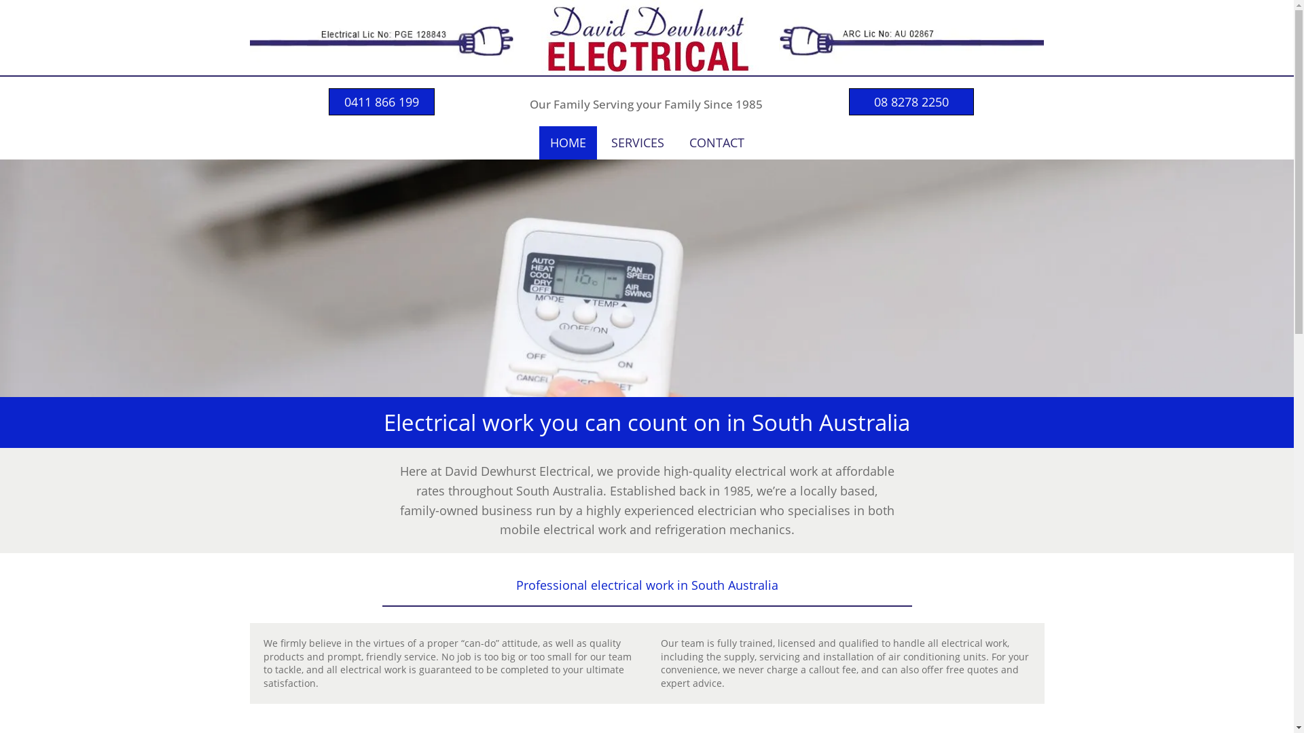 Image resolution: width=1304 pixels, height=733 pixels. I want to click on 'david dewhurst electrical licence number    ', so click(381, 35).